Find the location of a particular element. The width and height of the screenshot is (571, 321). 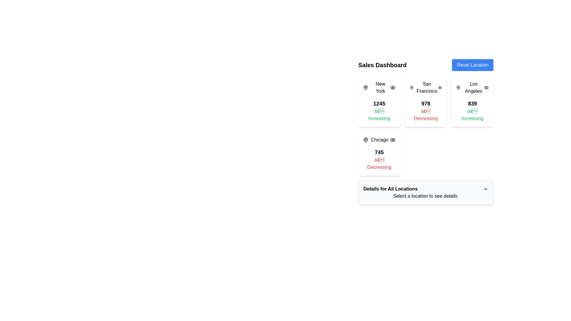

the text label displaying 'Los Angeles' in bold black font, located in the top-central area of its rectangular card, which is the fourth card in a horizontal row of city cards is located at coordinates (473, 87).